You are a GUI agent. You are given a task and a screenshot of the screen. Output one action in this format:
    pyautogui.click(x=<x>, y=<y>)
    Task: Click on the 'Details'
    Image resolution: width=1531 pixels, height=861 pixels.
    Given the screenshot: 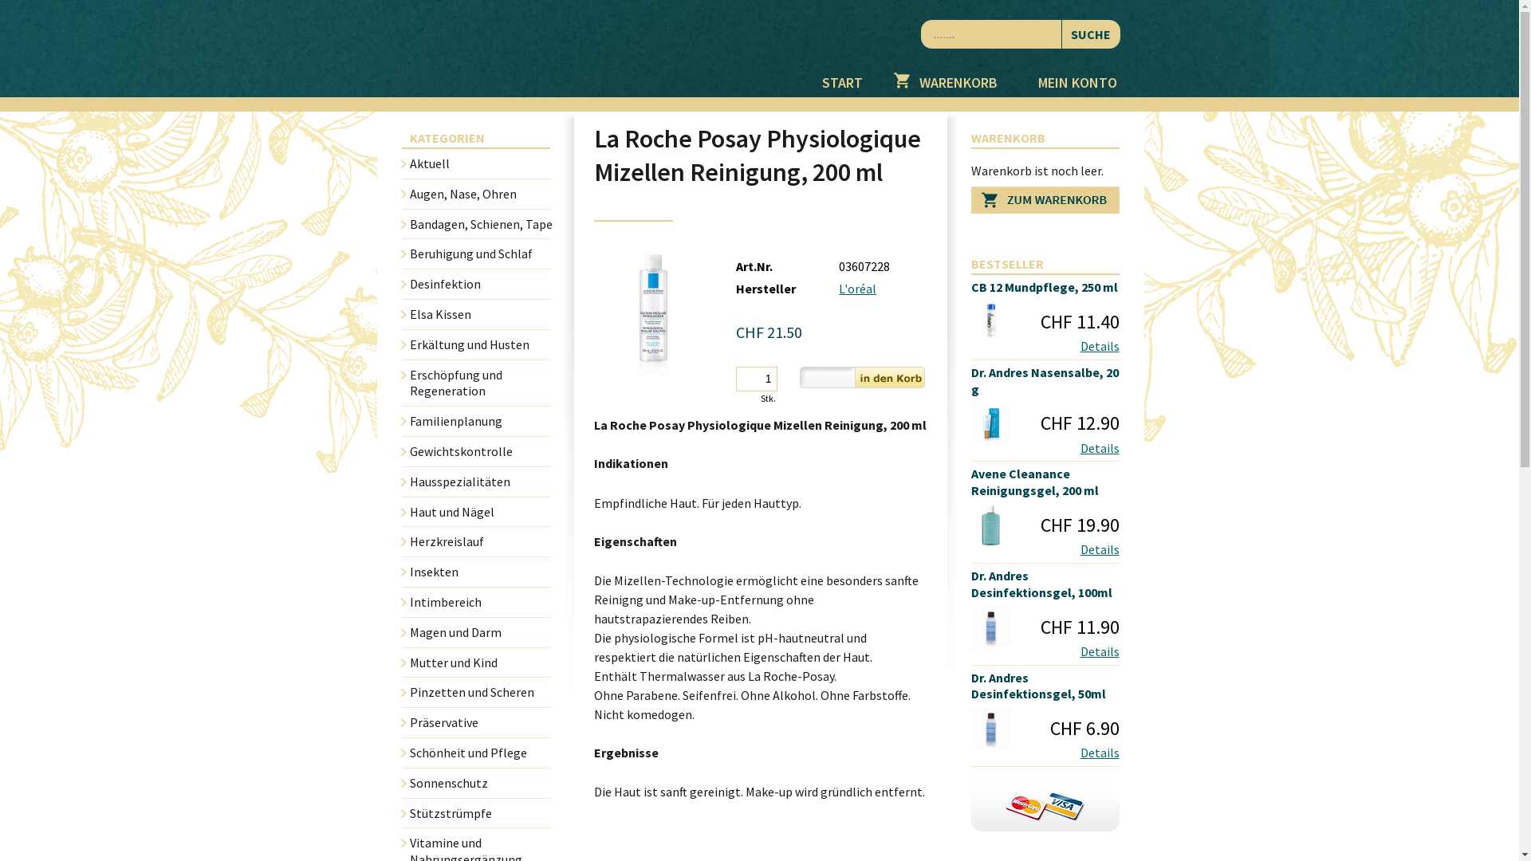 What is the action you would take?
    pyautogui.click(x=1098, y=345)
    